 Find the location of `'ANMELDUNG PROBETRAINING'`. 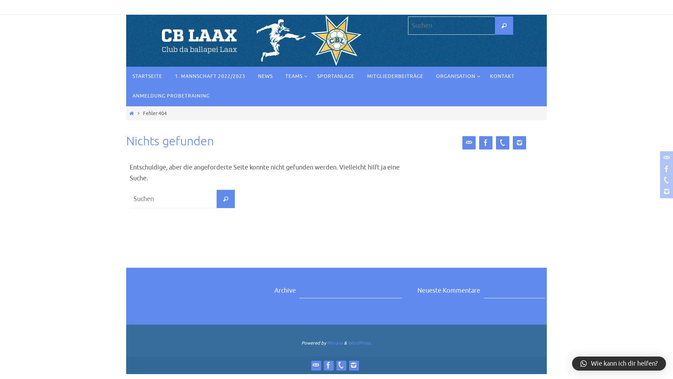

'ANMELDUNG PROBETRAINING' is located at coordinates (171, 96).